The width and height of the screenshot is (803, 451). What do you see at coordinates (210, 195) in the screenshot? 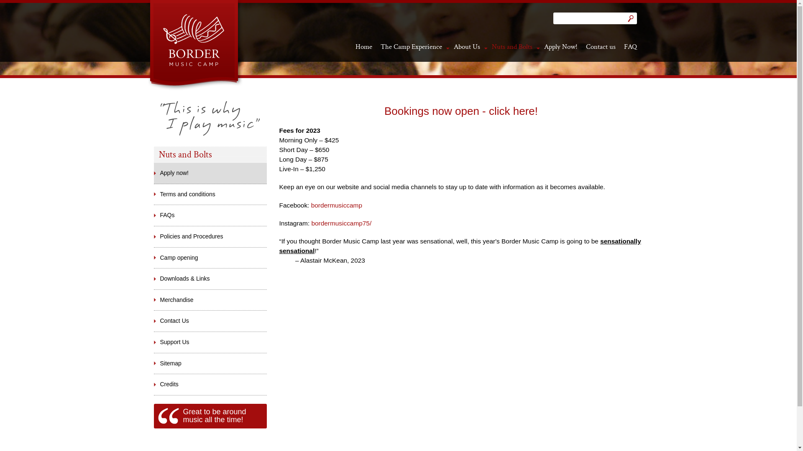
I see `'Terms and conditions'` at bounding box center [210, 195].